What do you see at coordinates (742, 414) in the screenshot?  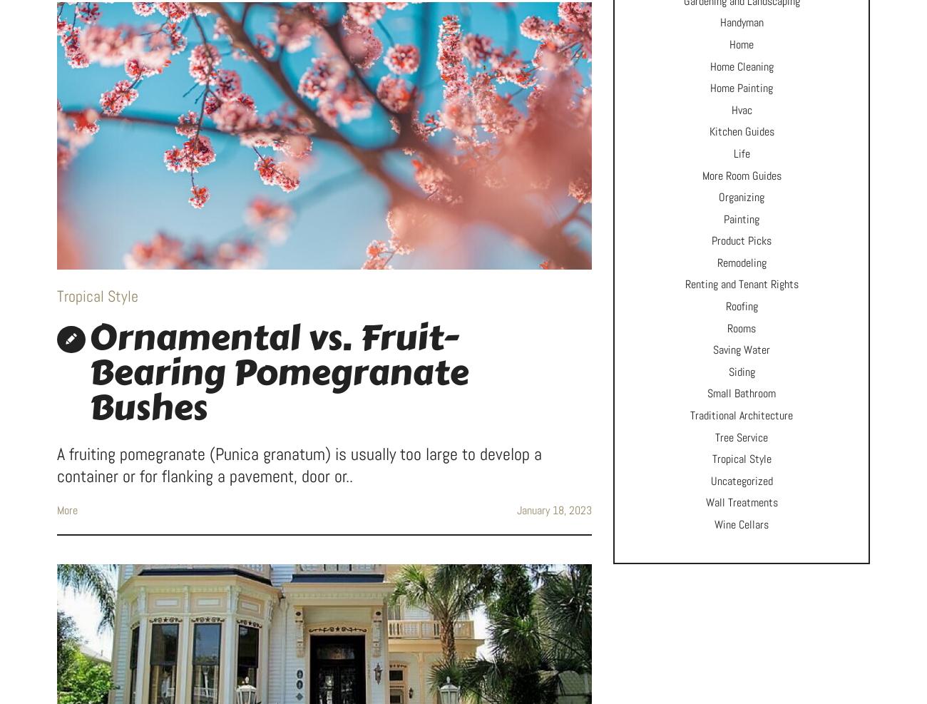 I see `'Traditional Architecture'` at bounding box center [742, 414].